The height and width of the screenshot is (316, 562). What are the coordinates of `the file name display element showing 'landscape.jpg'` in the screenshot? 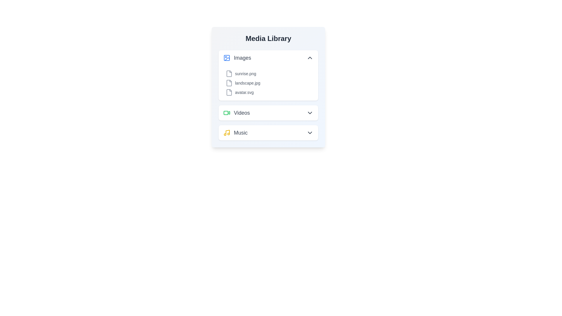 It's located at (268, 83).